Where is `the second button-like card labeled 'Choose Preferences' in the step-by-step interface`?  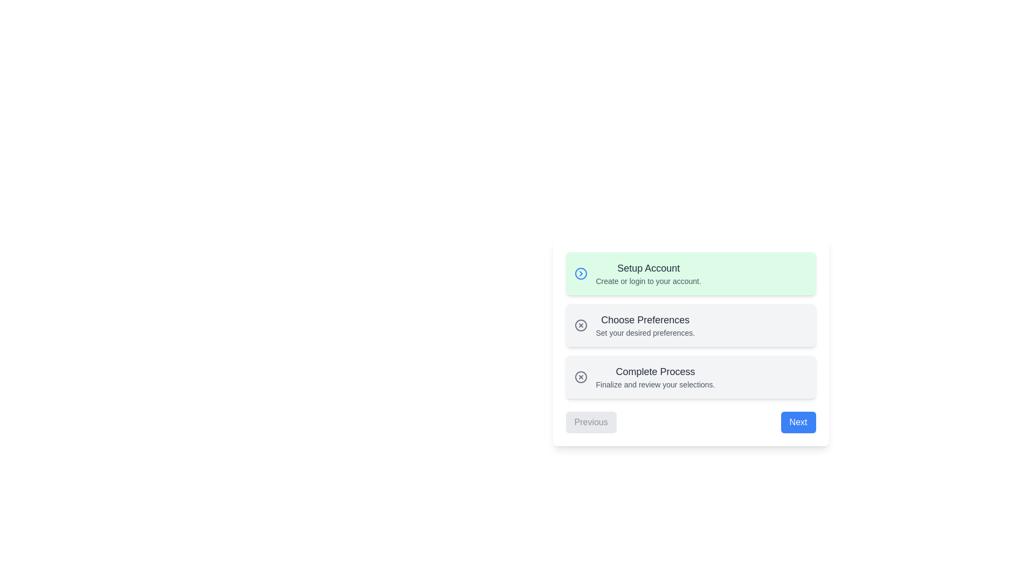
the second button-like card labeled 'Choose Preferences' in the step-by-step interface is located at coordinates (691, 325).